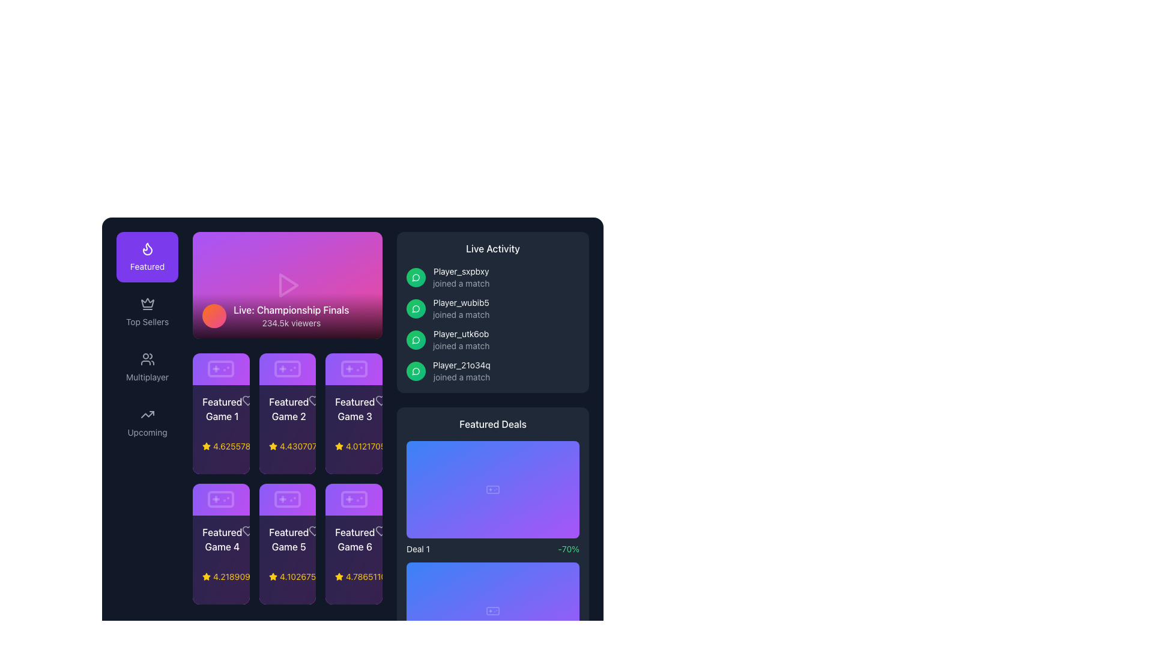  Describe the element at coordinates (492, 278) in the screenshot. I see `the player name in the first list item under 'Live Activity'` at that location.